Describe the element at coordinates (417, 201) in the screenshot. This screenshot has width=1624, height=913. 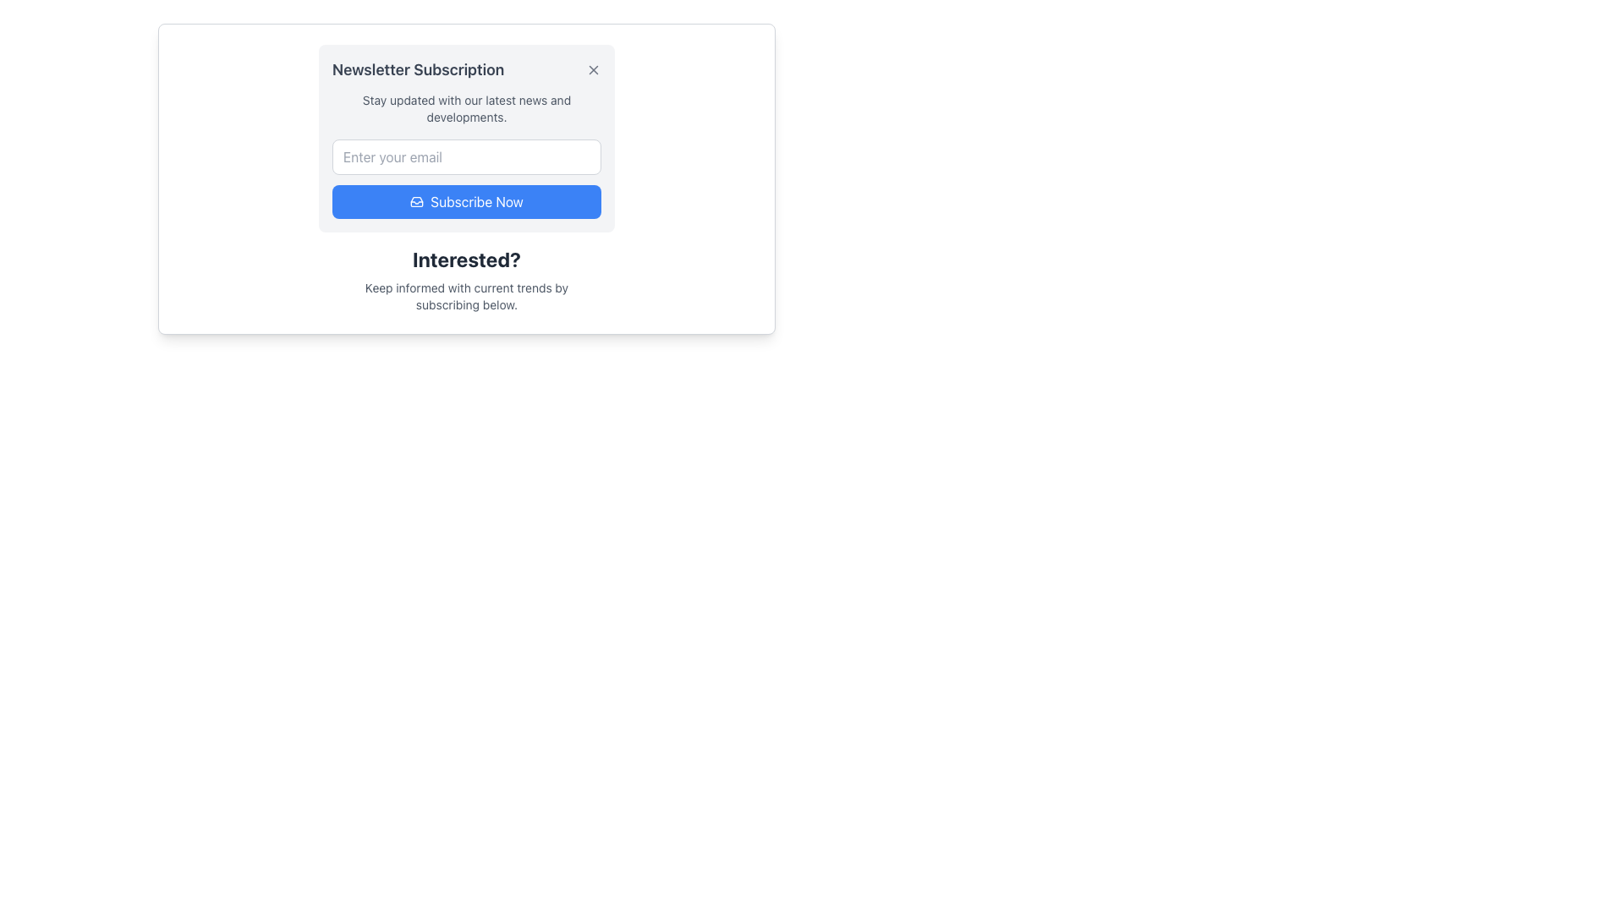
I see `the email subscription icon located within the 'Subscribe Now' button at the center-bottom of the modal, just above the footer text 'Interested?'` at that location.